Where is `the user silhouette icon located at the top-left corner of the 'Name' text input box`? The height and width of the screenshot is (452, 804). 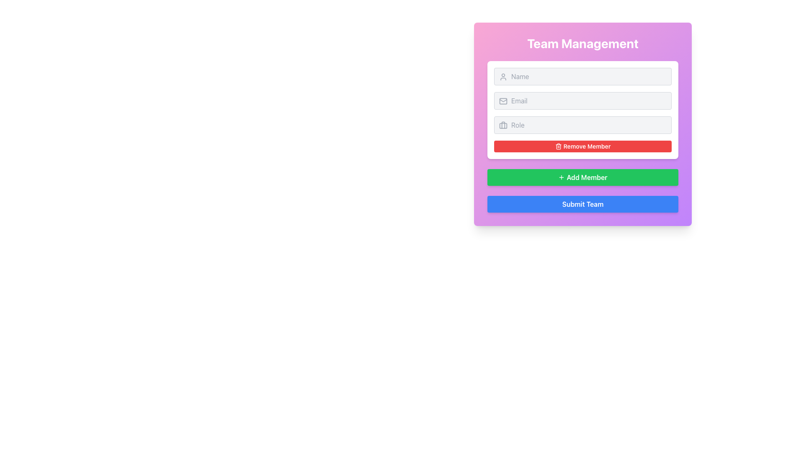 the user silhouette icon located at the top-left corner of the 'Name' text input box is located at coordinates (502, 77).